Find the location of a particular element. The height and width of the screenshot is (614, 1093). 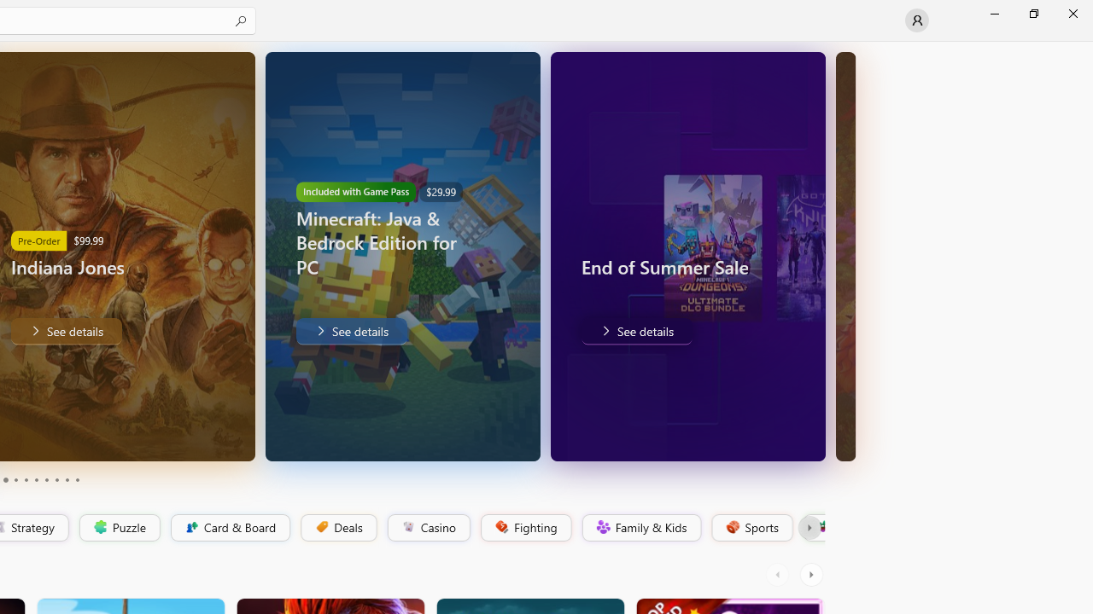

'Fighting' is located at coordinates (524, 527).